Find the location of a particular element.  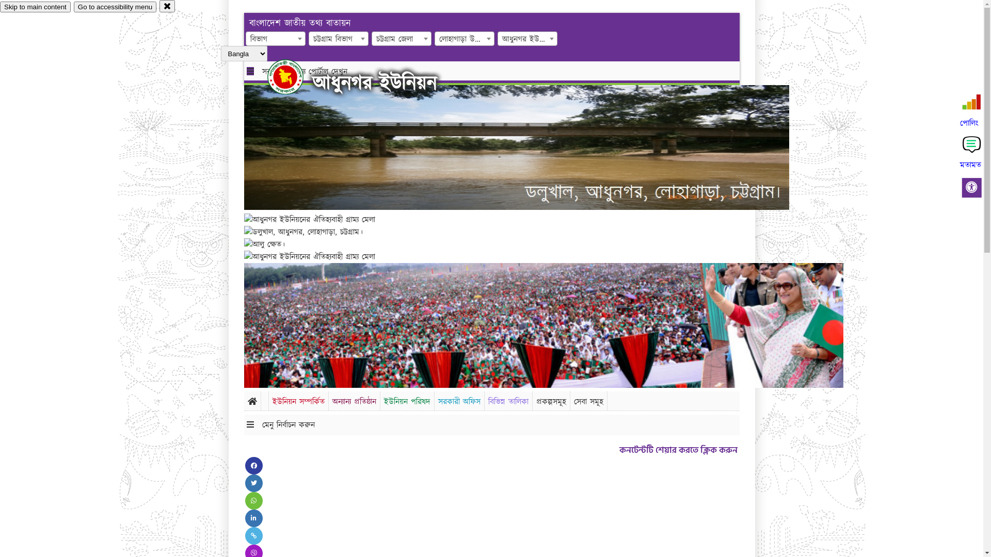

'close' is located at coordinates (167, 6).